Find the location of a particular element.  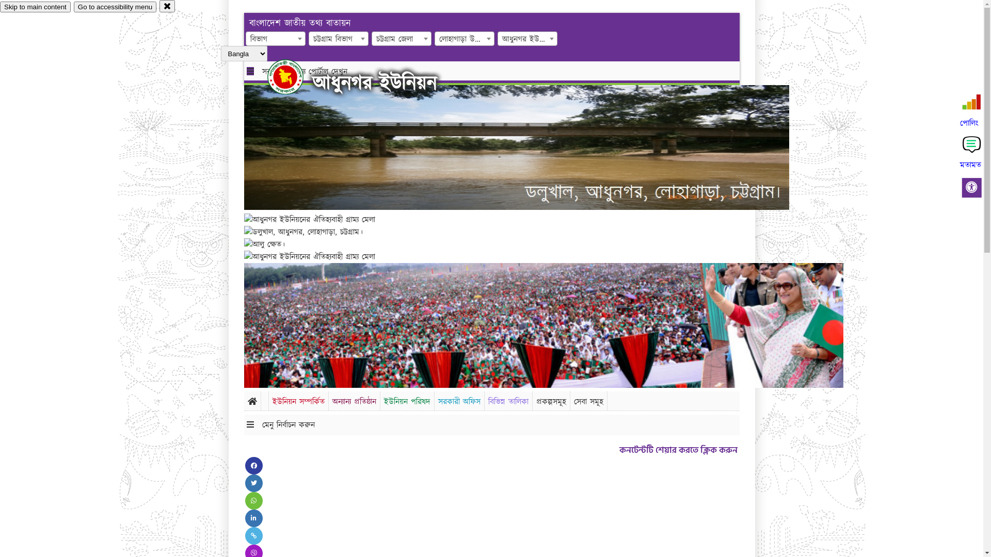

'close' is located at coordinates (167, 6).